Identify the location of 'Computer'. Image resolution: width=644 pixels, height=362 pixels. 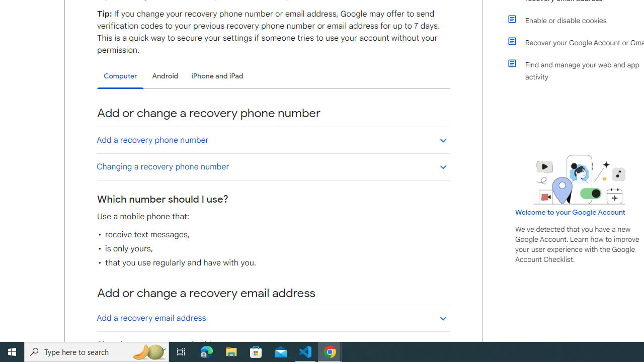
(120, 76).